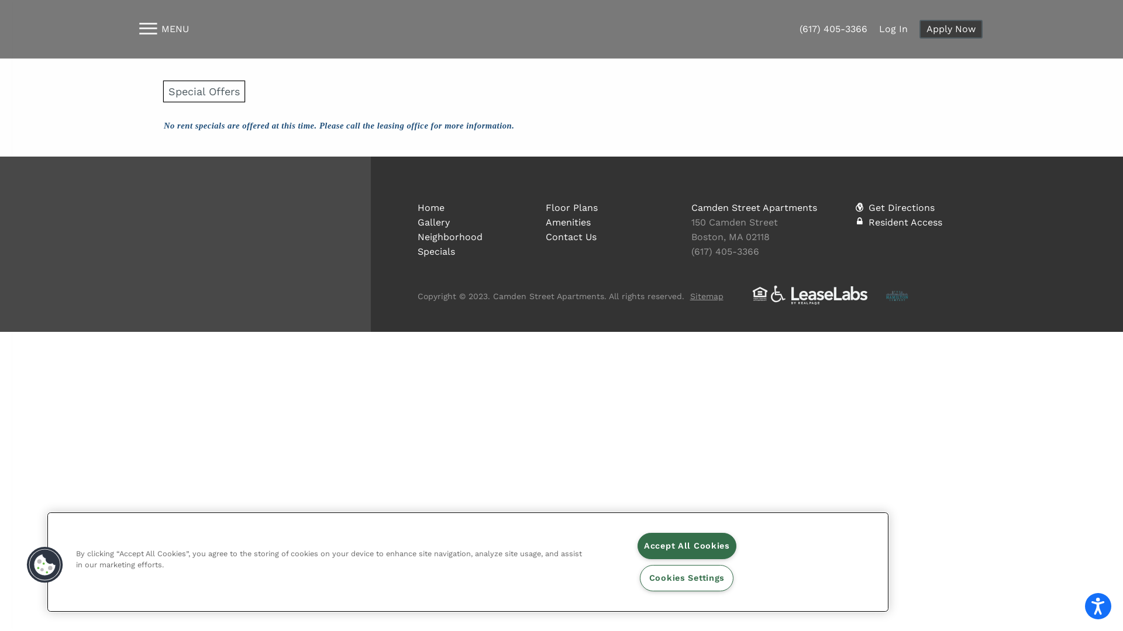 The width and height of the screenshot is (1123, 631). Describe the element at coordinates (687, 546) in the screenshot. I see `'Accept All Cookies'` at that location.